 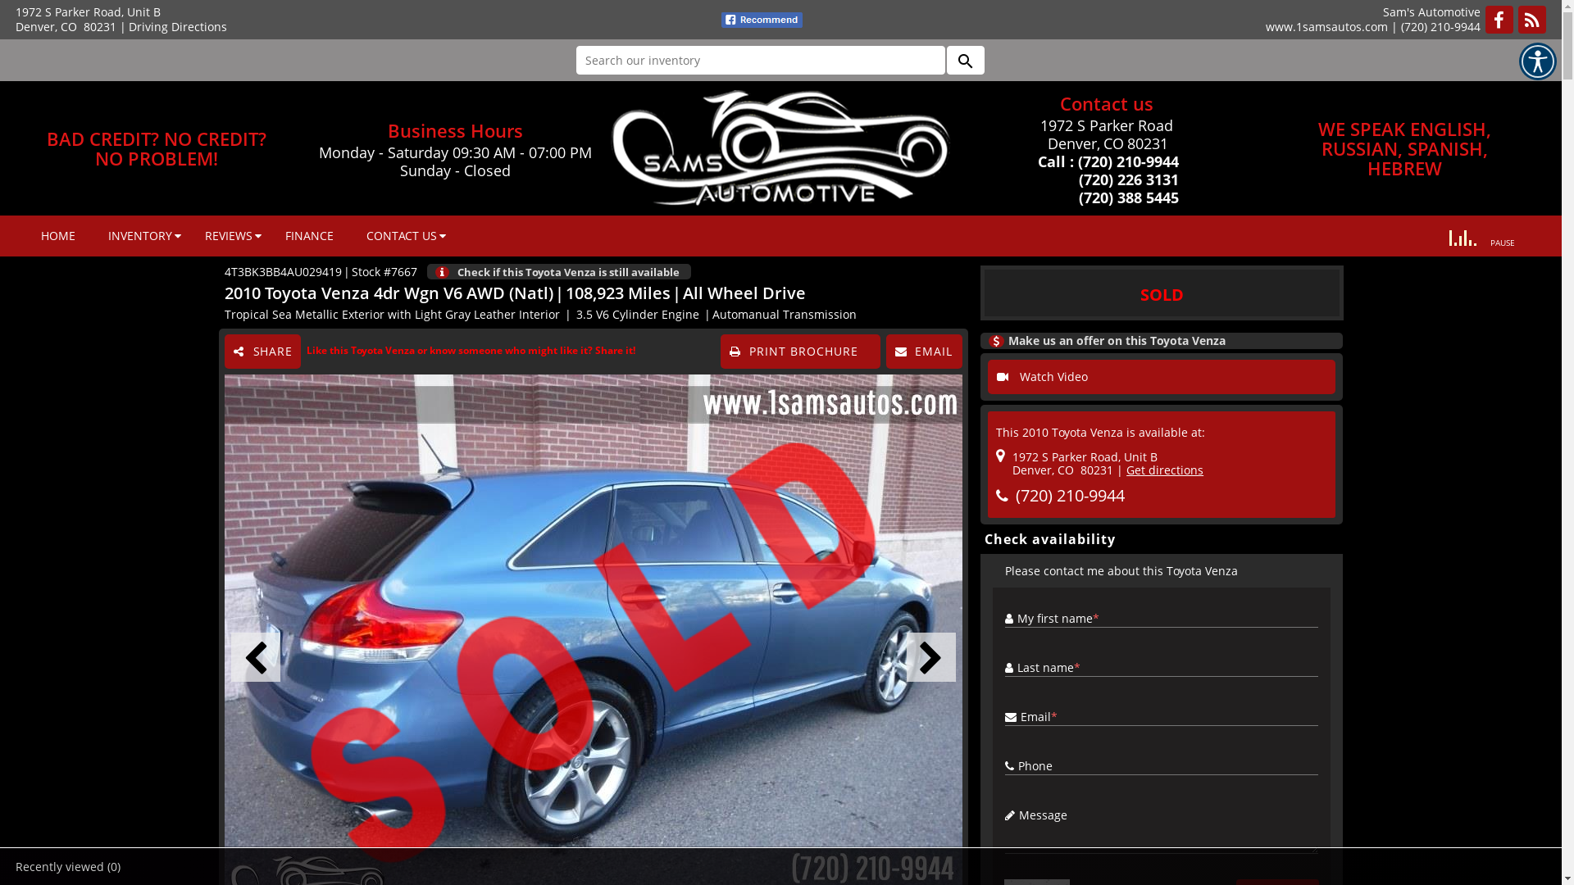 I want to click on 'search', so click(x=945, y=59).